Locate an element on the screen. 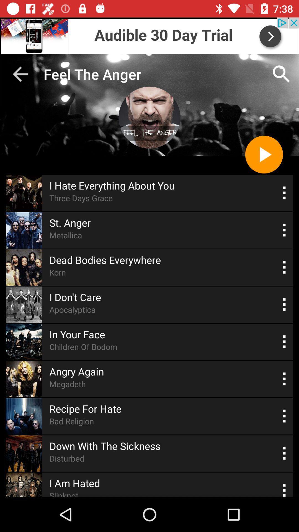 The image size is (299, 532). more options is located at coordinates (284, 304).